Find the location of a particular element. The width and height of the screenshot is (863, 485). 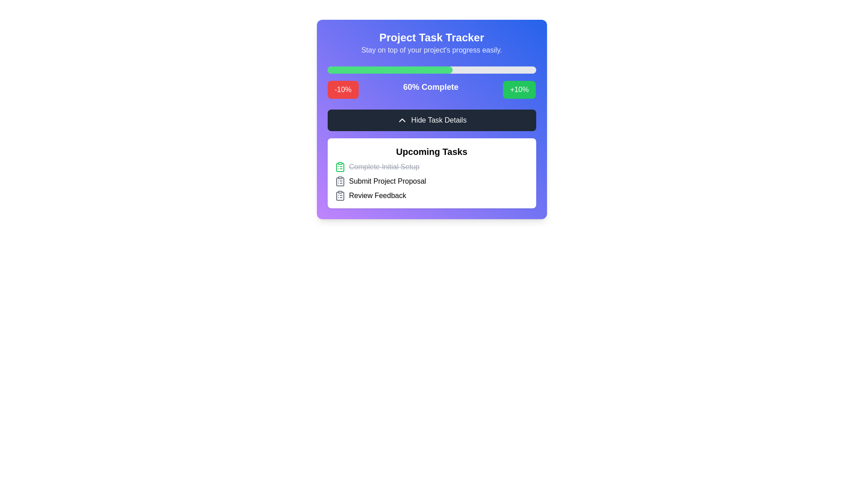

the text element titled 'Review Feedback', which is the third list item in the 'Upcoming Tasks' section, appearing after 'Submit Project Proposal' is located at coordinates (378, 195).